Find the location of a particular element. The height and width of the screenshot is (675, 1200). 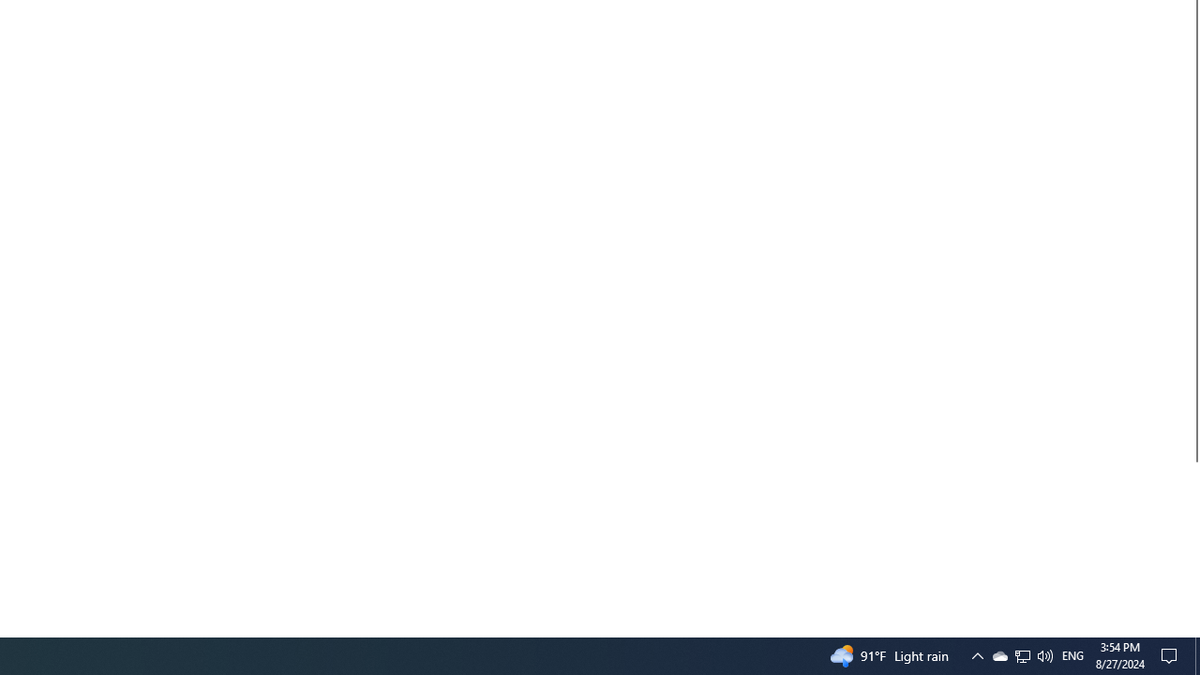

'Tray Input Indicator - English (United States)' is located at coordinates (1072, 654).